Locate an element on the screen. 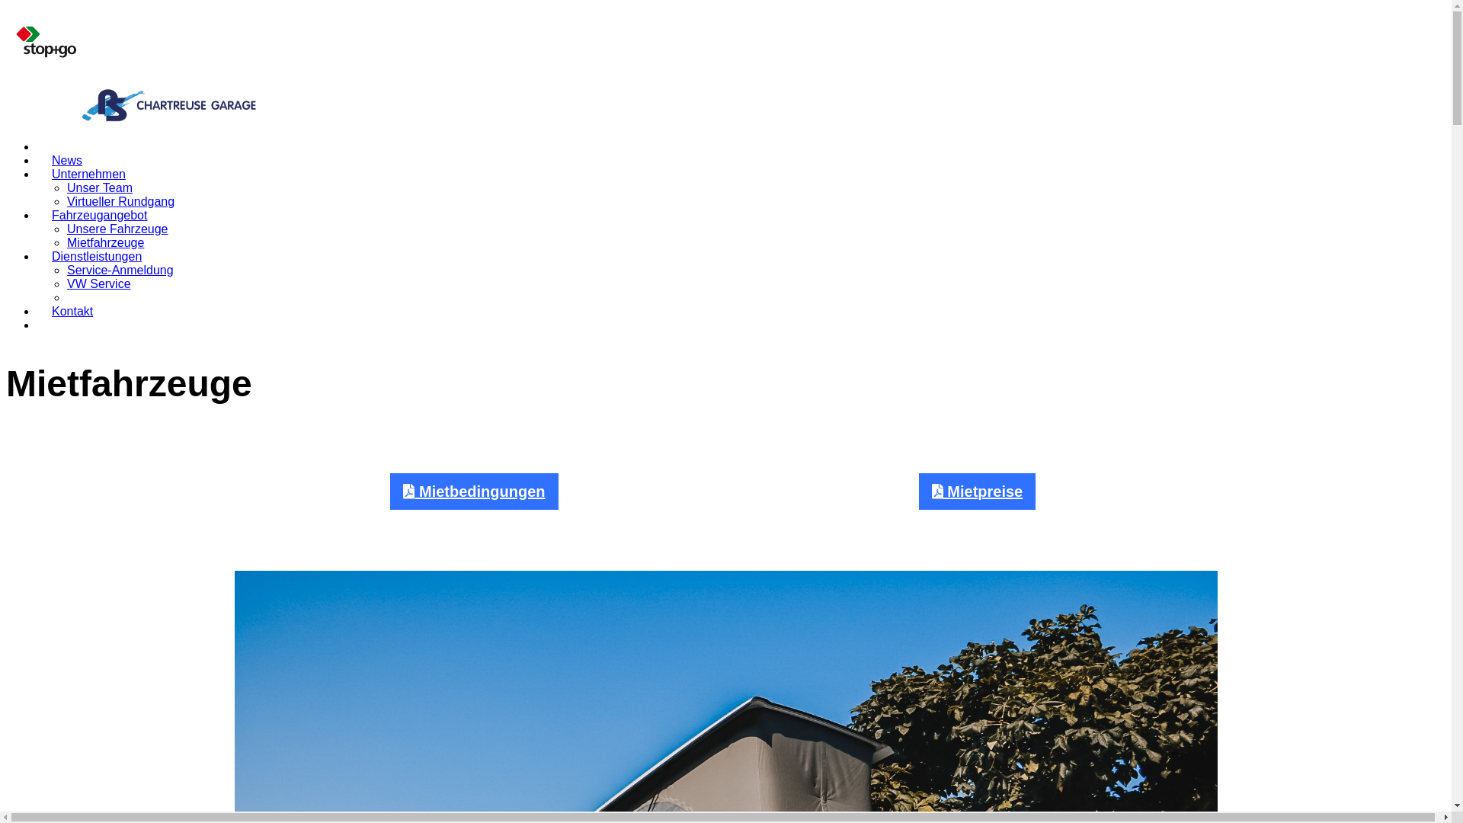  'Mietbedingungen' is located at coordinates (473, 491).